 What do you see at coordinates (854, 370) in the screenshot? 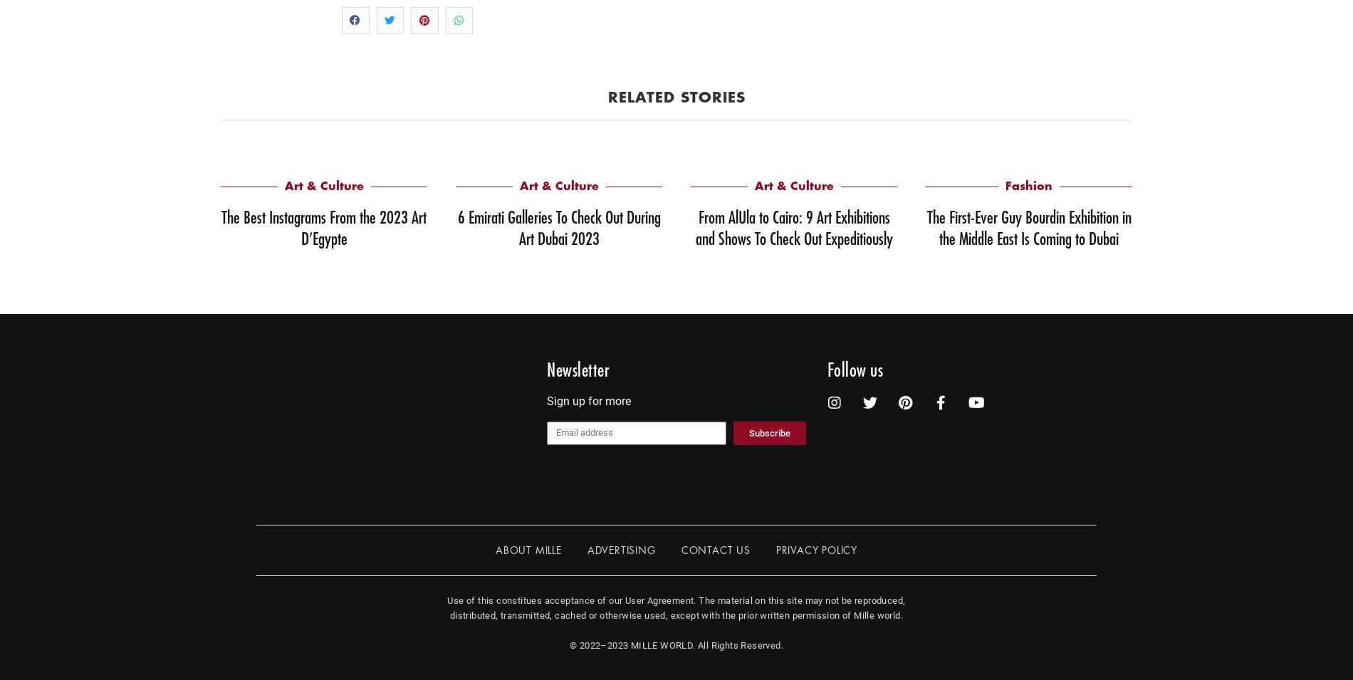
I see `'Follow us'` at bounding box center [854, 370].